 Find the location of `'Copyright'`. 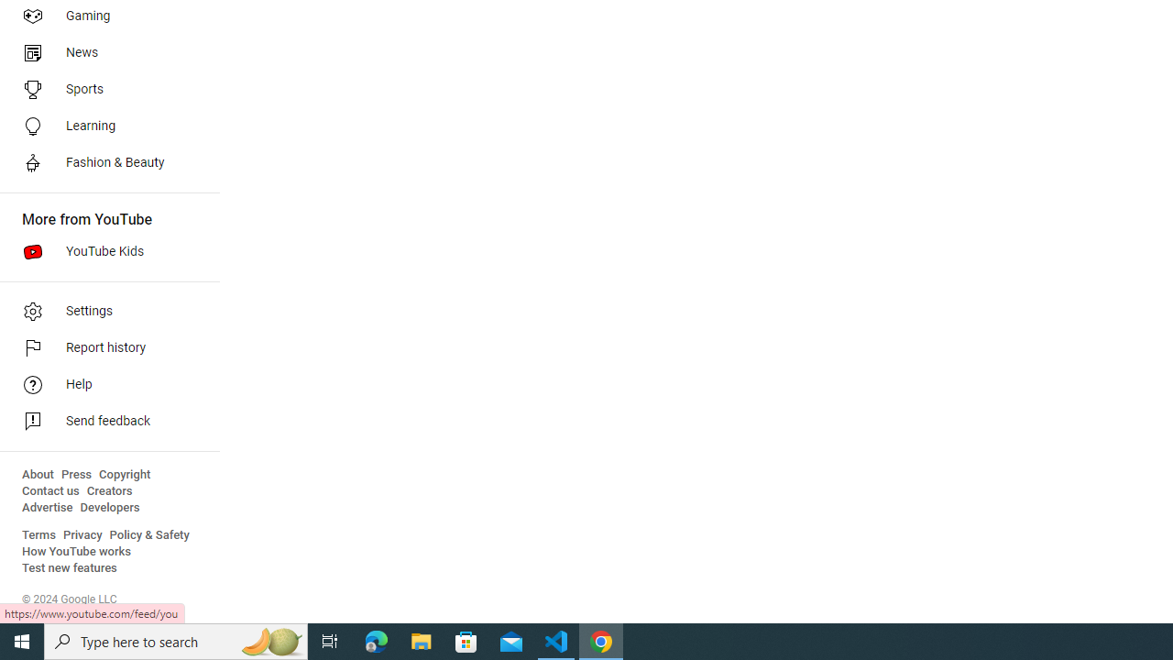

'Copyright' is located at coordinates (124, 474).